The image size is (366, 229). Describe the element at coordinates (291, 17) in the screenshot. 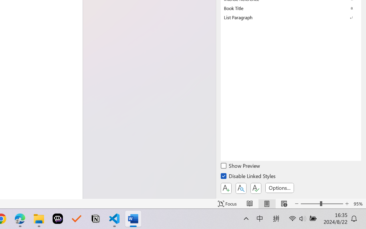

I see `'List Paragraph'` at that location.